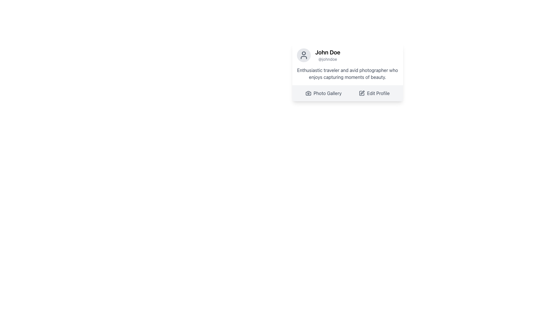 This screenshot has width=554, height=311. Describe the element at coordinates (347, 93) in the screenshot. I see `the 'Photo Gallery' button on the navigation bar located at the bottom of the profile card` at that location.